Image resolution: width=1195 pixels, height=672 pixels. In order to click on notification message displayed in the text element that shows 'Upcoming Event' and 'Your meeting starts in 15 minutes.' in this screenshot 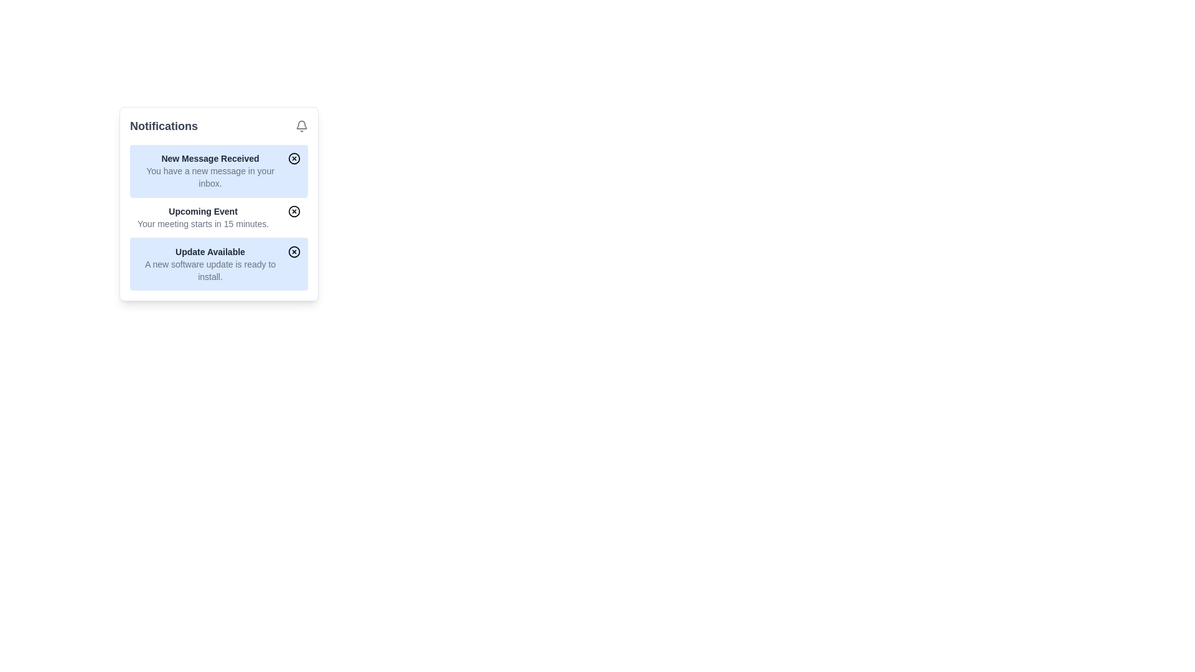, I will do `click(203, 217)`.